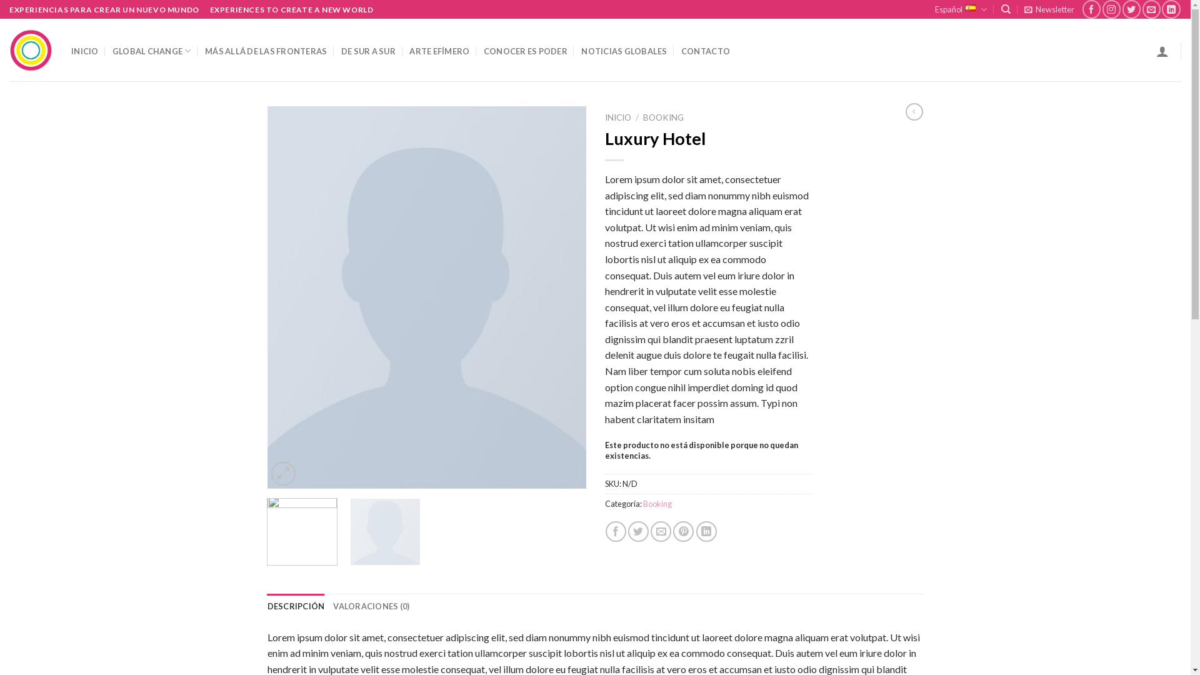  What do you see at coordinates (705, 50) in the screenshot?
I see `'CONTACTO'` at bounding box center [705, 50].